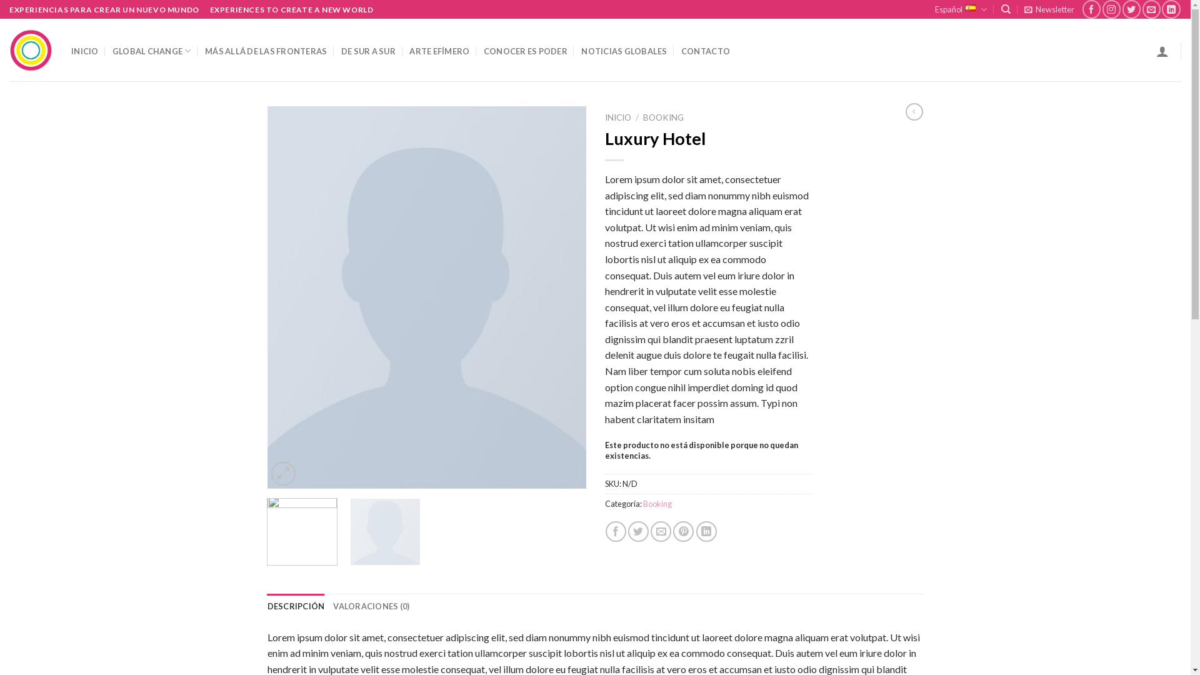  What do you see at coordinates (705, 50) in the screenshot?
I see `'CONTACTO'` at bounding box center [705, 50].